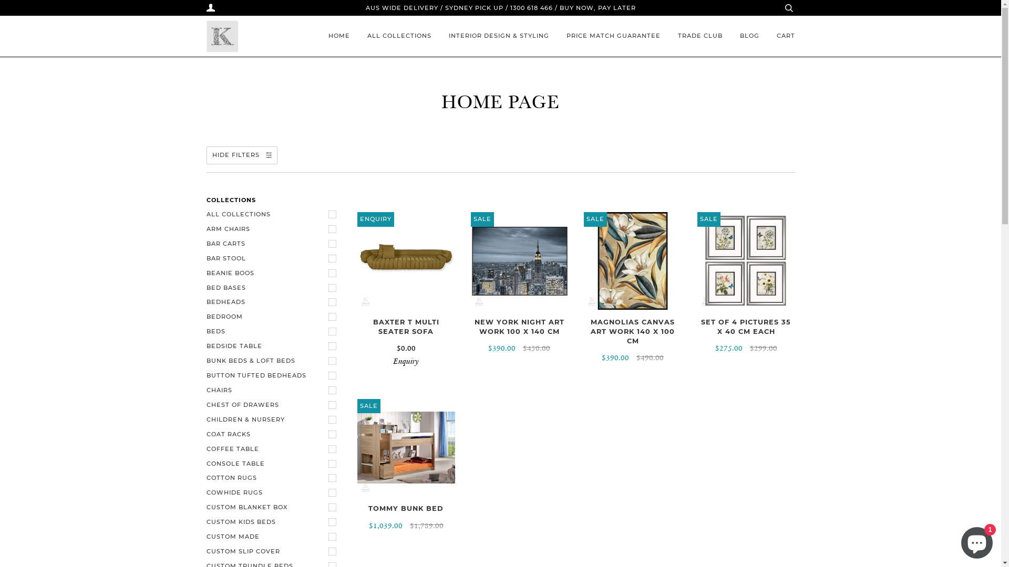 This screenshot has height=567, width=1009. What do you see at coordinates (206, 155) in the screenshot?
I see `'HIDE FILTERS'` at bounding box center [206, 155].